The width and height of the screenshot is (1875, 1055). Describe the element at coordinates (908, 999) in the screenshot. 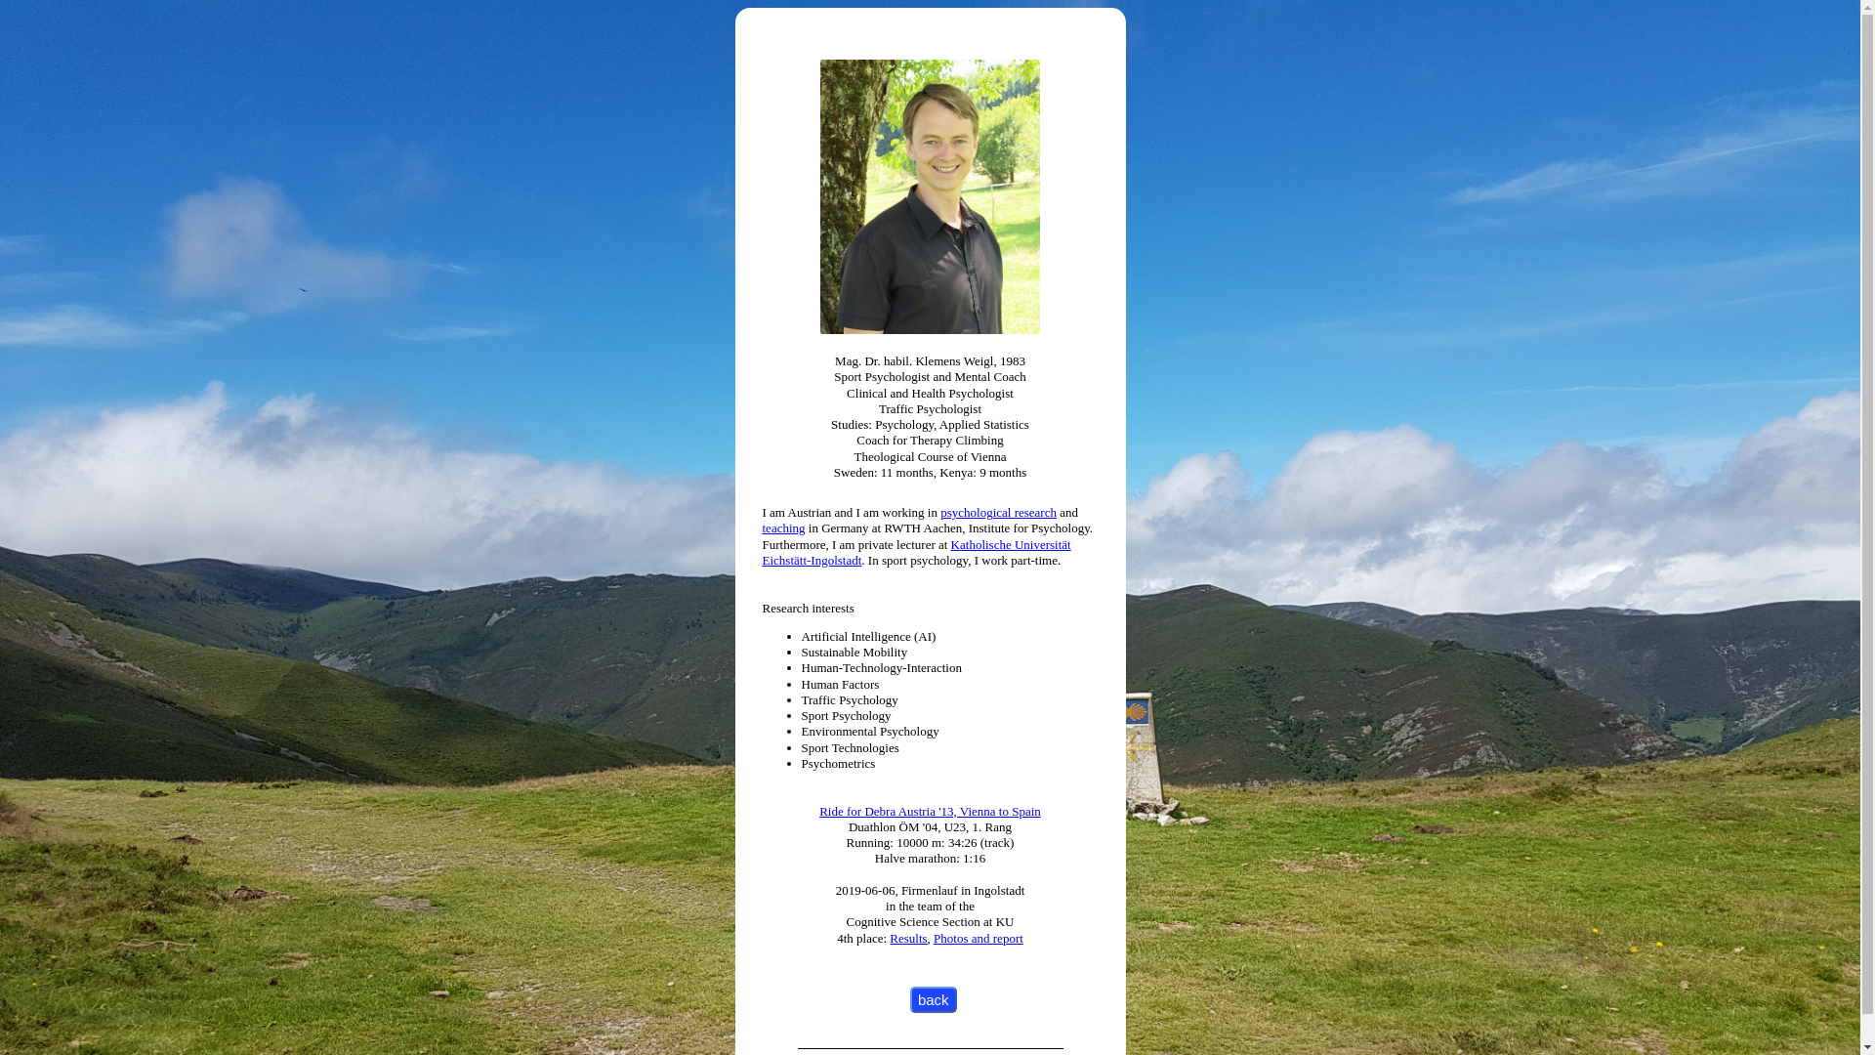

I see `'back'` at that location.